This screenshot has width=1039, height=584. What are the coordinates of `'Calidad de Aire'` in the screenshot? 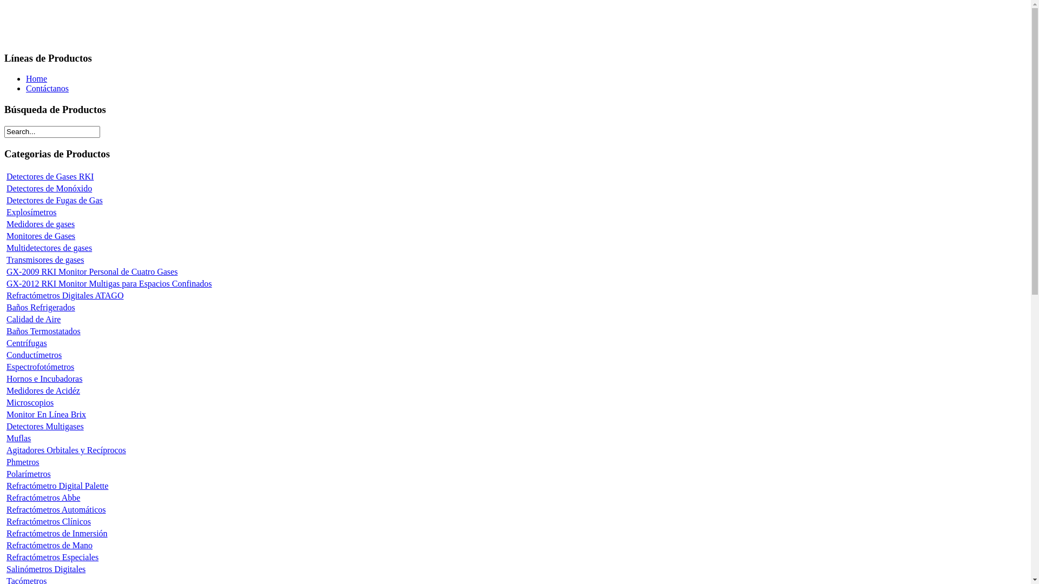 It's located at (34, 318).